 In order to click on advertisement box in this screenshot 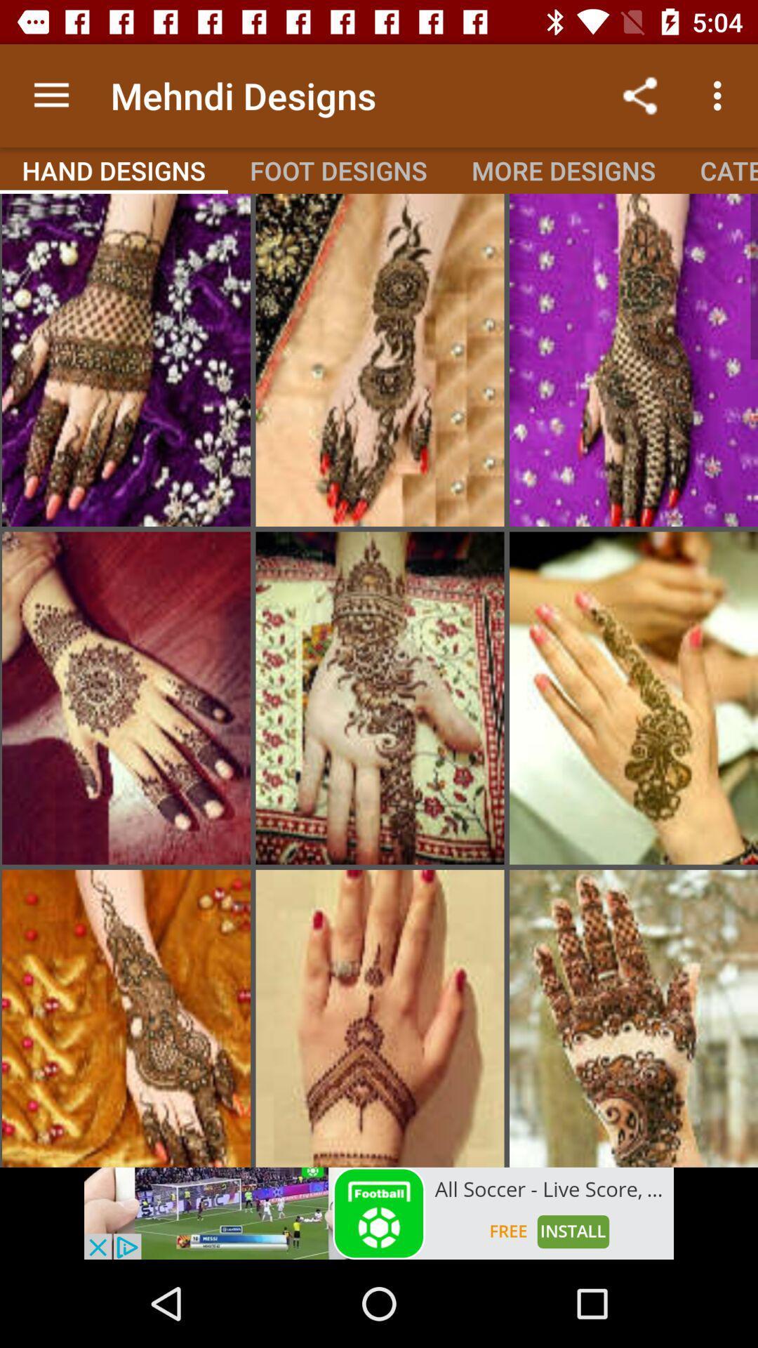, I will do `click(379, 1212)`.